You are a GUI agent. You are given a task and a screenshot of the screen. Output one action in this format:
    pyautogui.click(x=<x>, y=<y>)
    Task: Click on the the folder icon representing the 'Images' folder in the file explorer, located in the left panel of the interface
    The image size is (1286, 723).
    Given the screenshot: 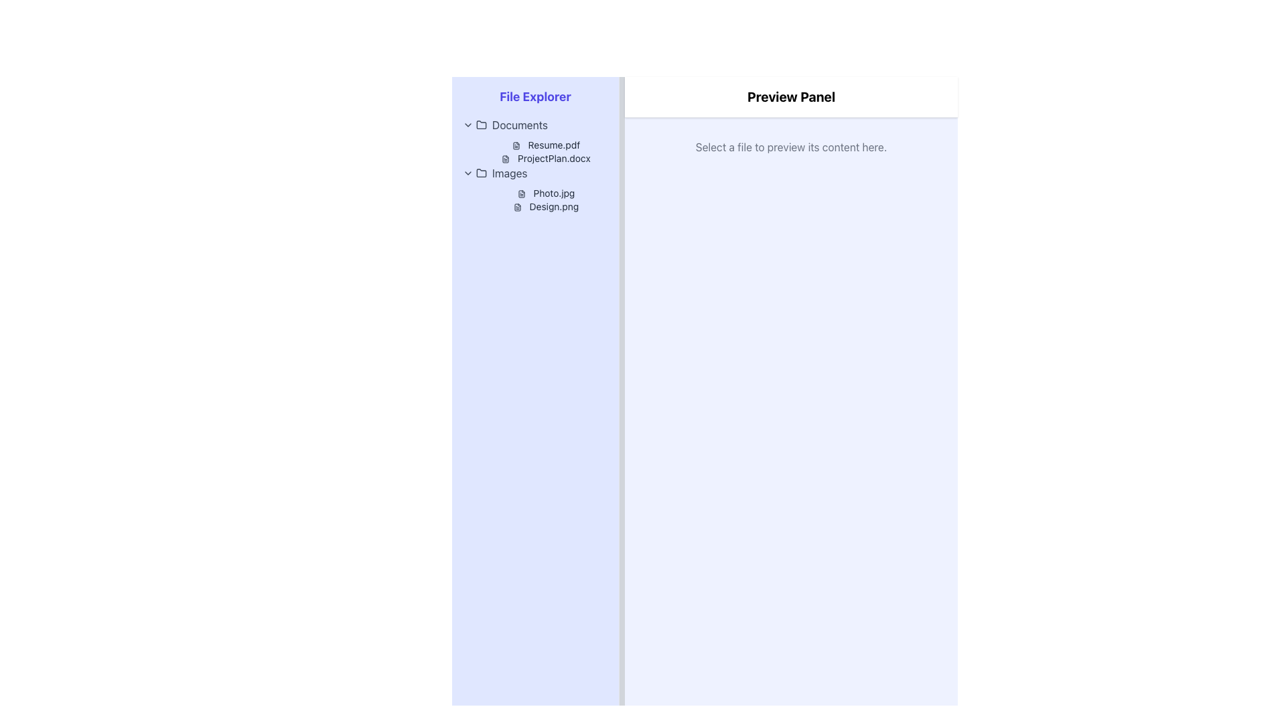 What is the action you would take?
    pyautogui.click(x=482, y=172)
    